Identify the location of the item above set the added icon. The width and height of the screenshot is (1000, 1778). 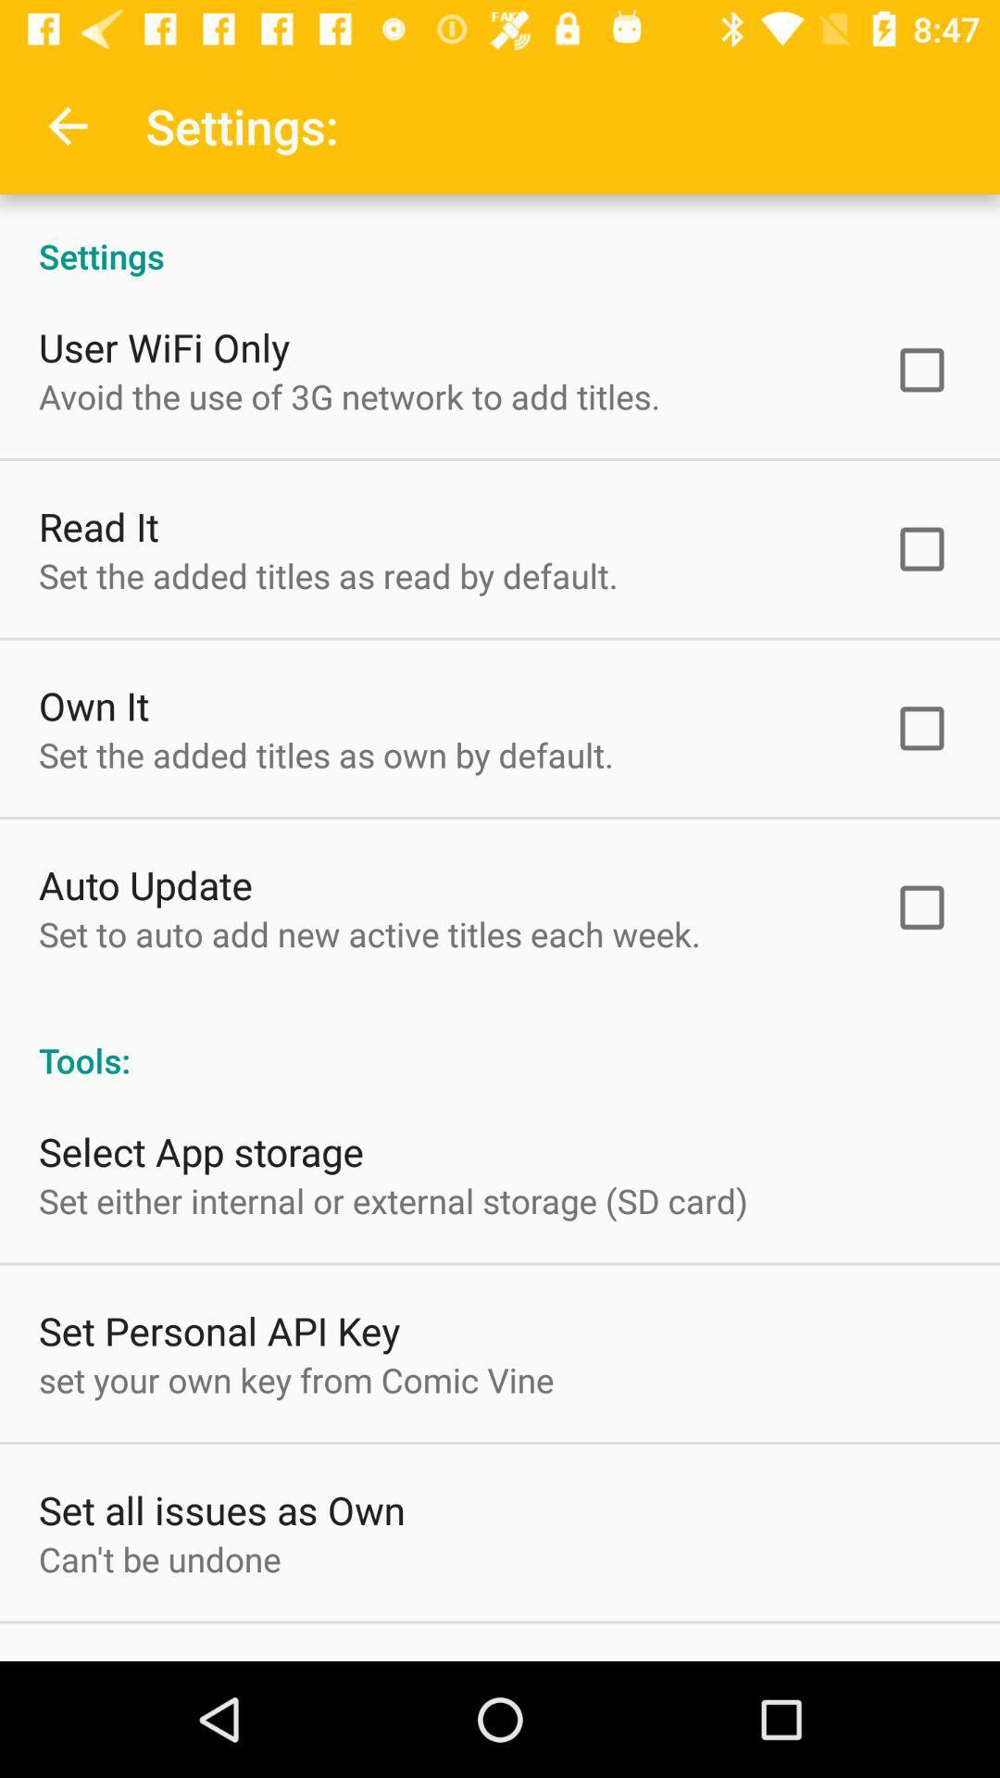
(98, 525).